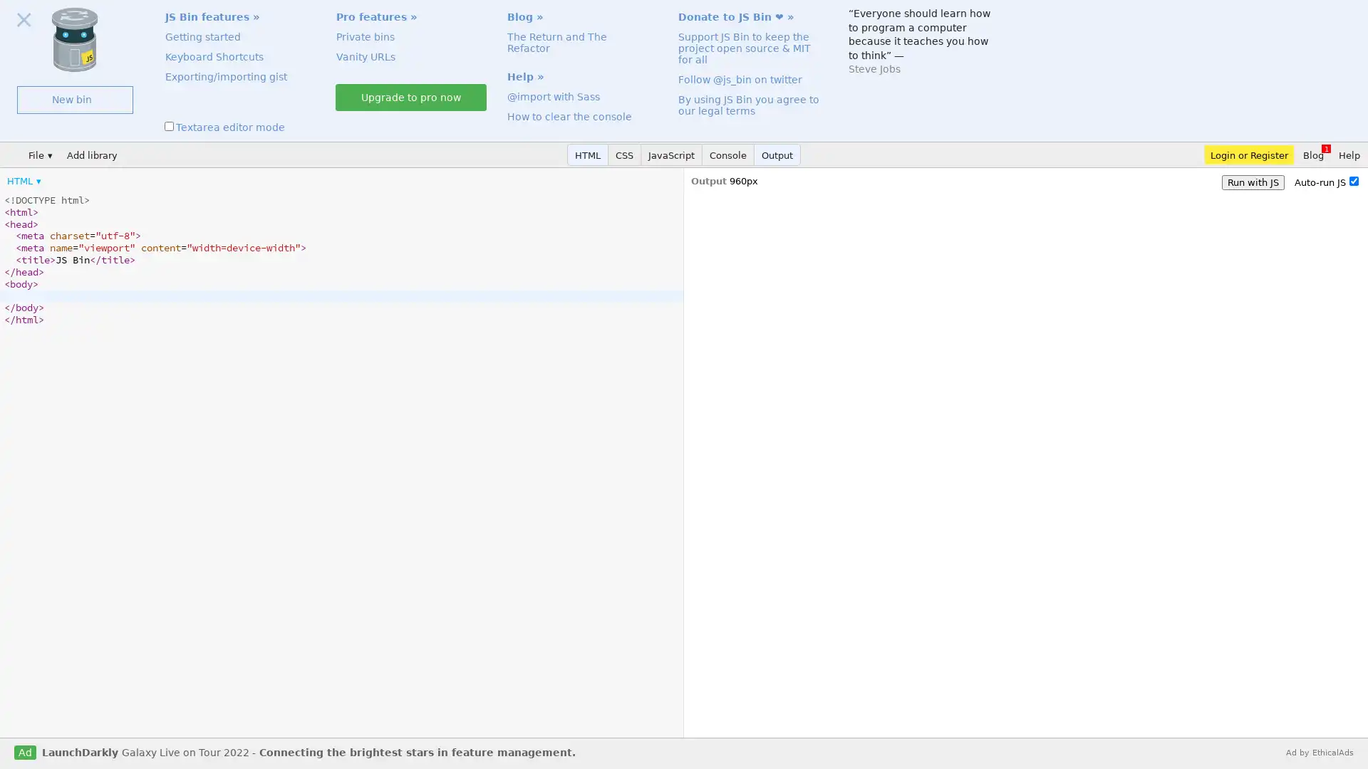  I want to click on Output Panel: Active, so click(777, 155).